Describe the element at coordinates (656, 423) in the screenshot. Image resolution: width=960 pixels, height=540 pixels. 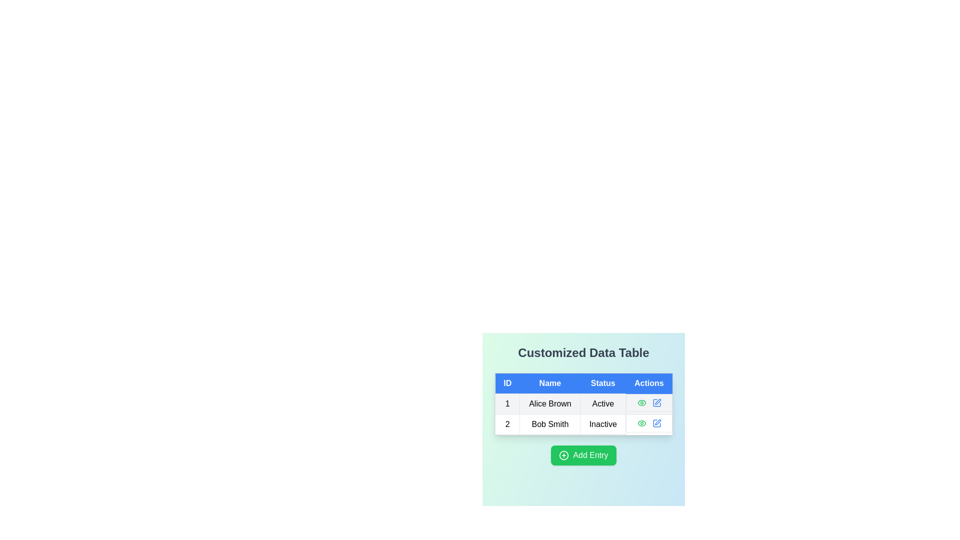
I see `the blue square icon with a pencil symbol in the 'Actions' column of the second row for 'Bob Smith'` at that location.